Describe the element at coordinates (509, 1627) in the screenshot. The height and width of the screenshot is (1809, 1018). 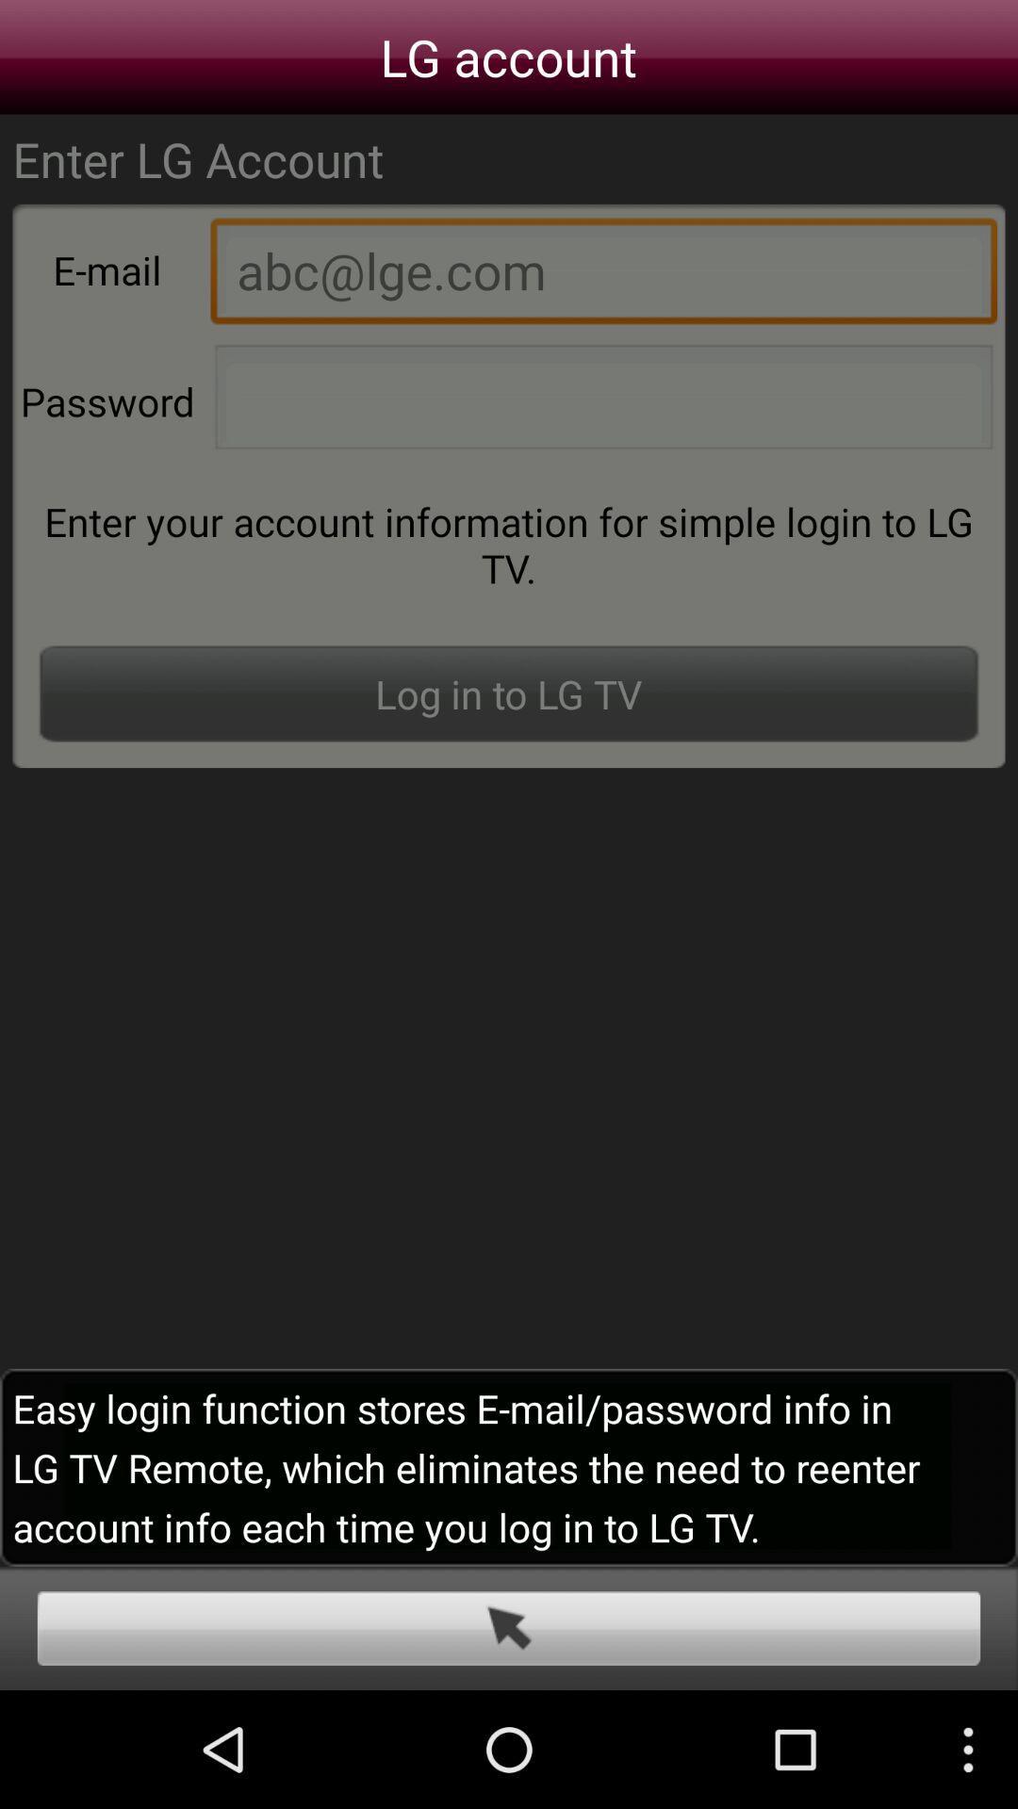
I see `the button on the bottom line of the web page` at that location.